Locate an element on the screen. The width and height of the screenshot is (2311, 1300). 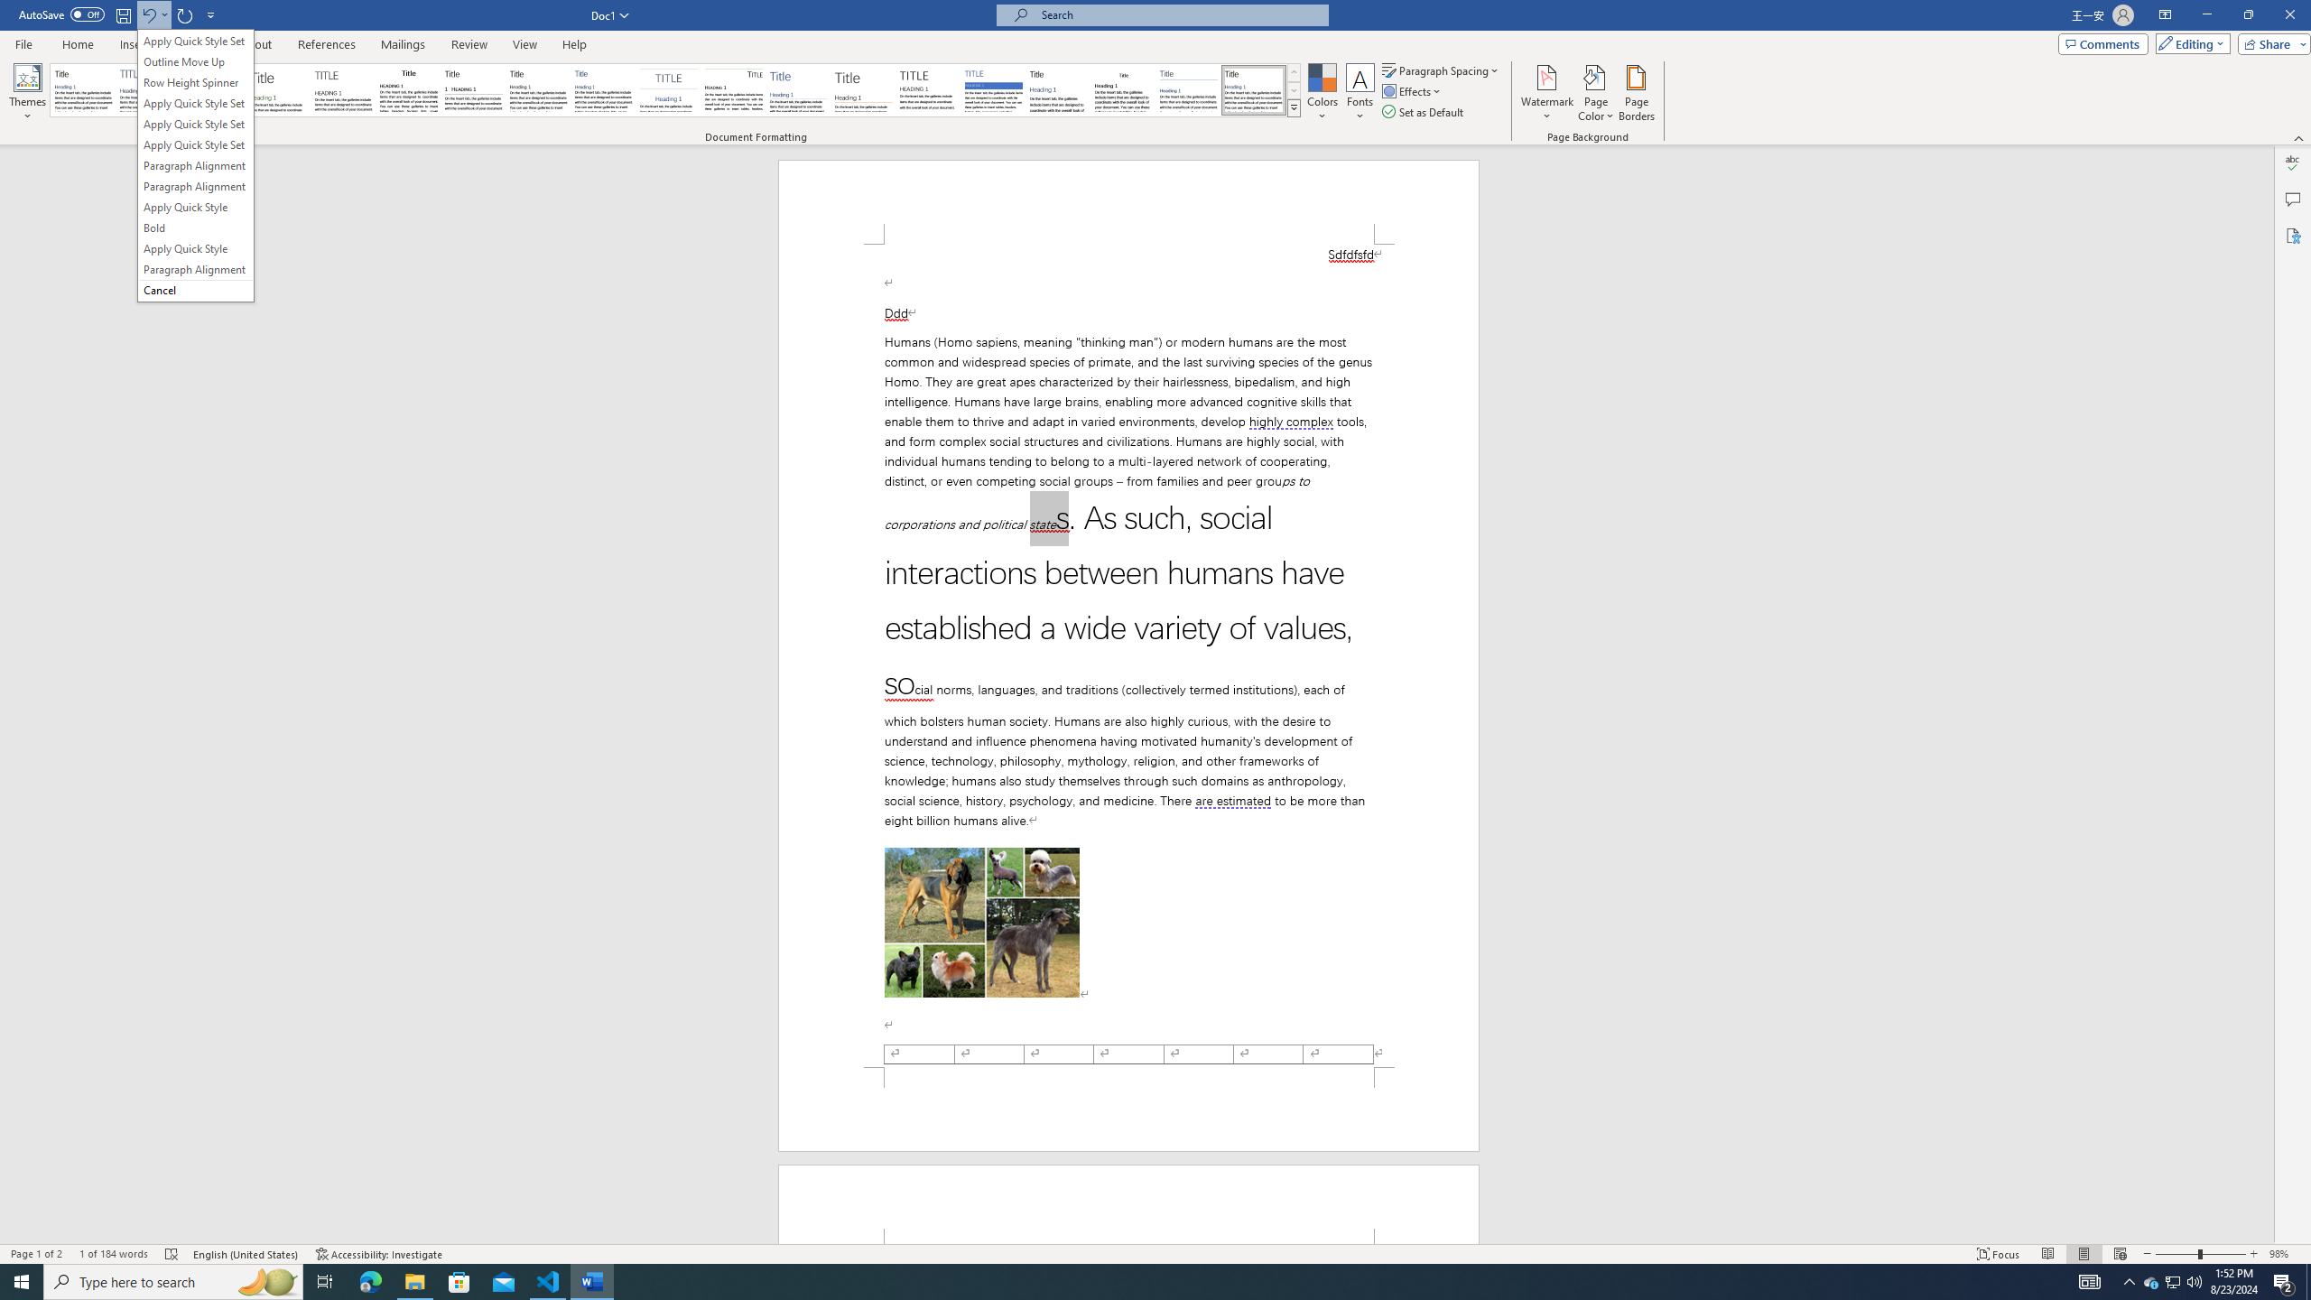
'Colors' is located at coordinates (1321, 93).